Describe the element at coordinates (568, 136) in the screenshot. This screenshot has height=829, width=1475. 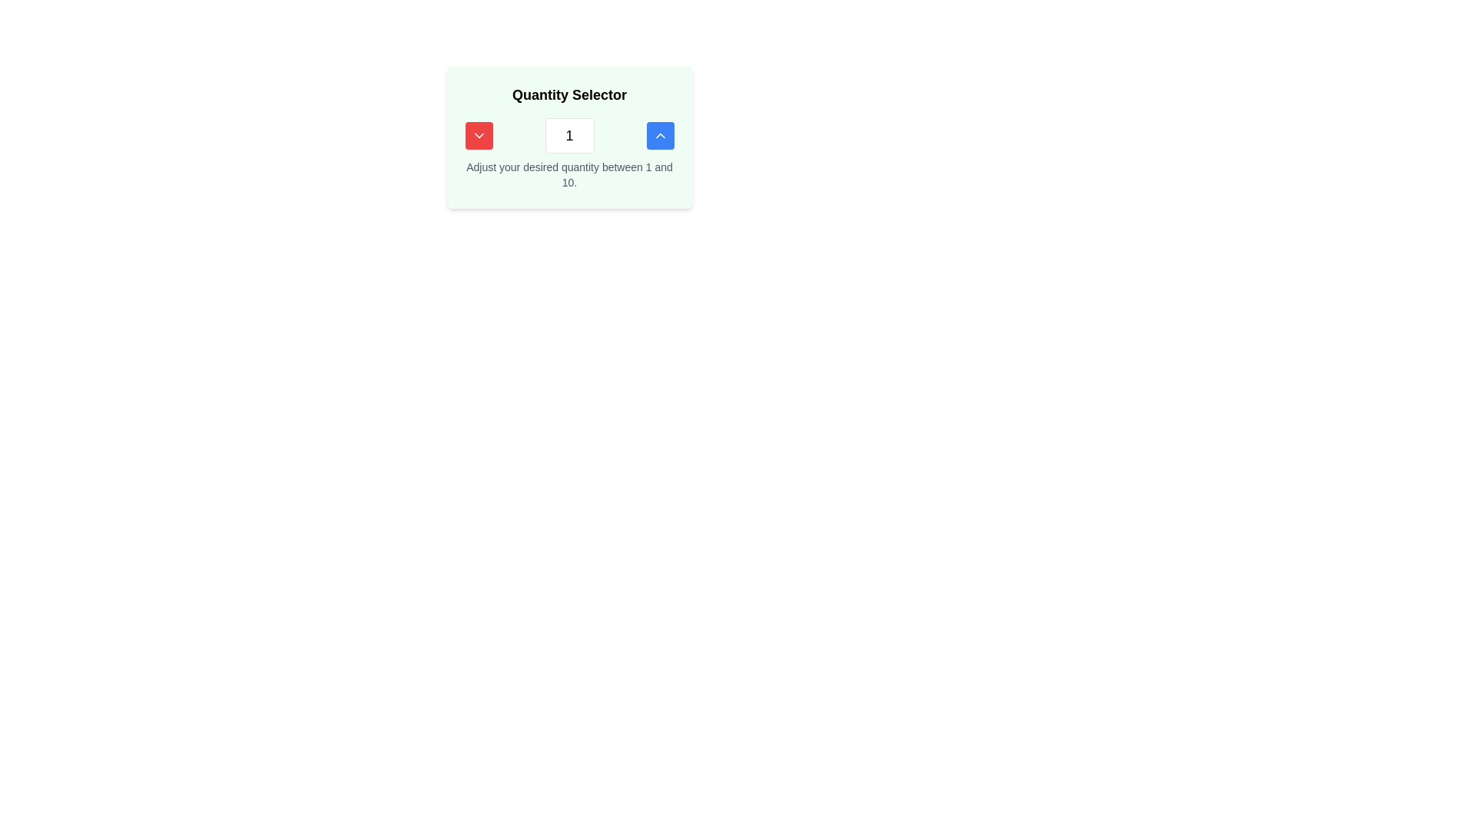
I see `the input box of the Composite component that allows users to view and update a numeric quantity` at that location.